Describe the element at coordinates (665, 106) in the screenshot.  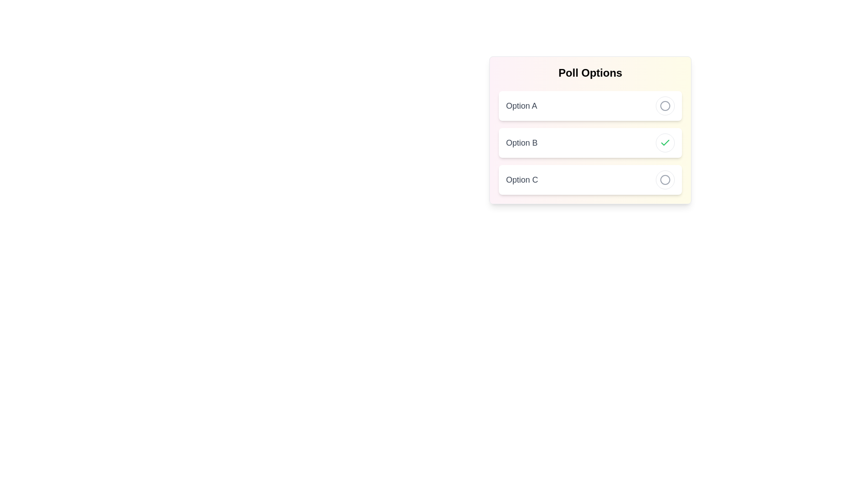
I see `the toggle button of Option A to toggle its selection` at that location.